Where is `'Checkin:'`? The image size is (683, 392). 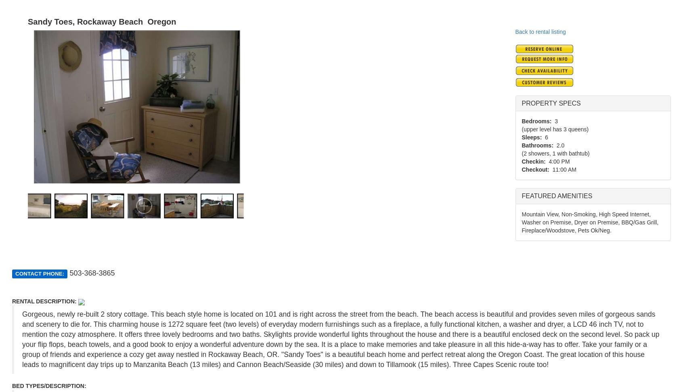 'Checkin:' is located at coordinates (533, 161).